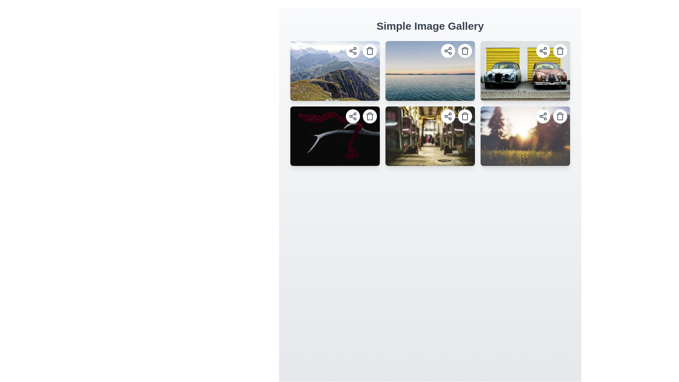 The width and height of the screenshot is (679, 382). Describe the element at coordinates (465, 115) in the screenshot. I see `the delete button in the top-right corner of the bottom-middle image's overlay section` at that location.